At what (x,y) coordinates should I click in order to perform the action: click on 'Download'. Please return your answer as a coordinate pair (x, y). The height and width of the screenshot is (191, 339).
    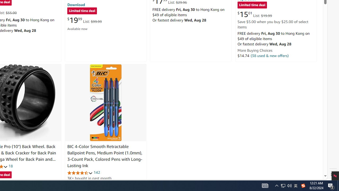
    Looking at the image, I should click on (76, 5).